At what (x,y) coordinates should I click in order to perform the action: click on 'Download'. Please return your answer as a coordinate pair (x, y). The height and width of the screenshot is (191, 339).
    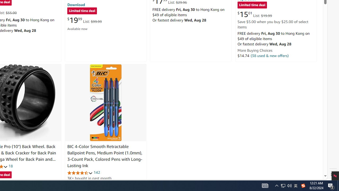
    Looking at the image, I should click on (76, 5).